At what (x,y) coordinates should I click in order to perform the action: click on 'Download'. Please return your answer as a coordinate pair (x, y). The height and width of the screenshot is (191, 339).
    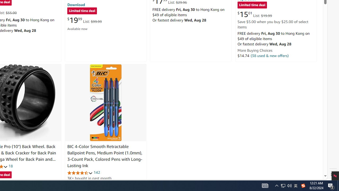
    Looking at the image, I should click on (76, 5).